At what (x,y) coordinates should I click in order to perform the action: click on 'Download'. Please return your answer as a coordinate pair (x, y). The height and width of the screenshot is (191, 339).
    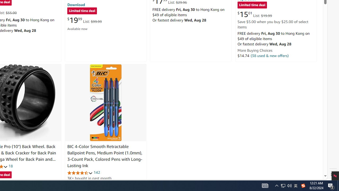
    Looking at the image, I should click on (76, 5).